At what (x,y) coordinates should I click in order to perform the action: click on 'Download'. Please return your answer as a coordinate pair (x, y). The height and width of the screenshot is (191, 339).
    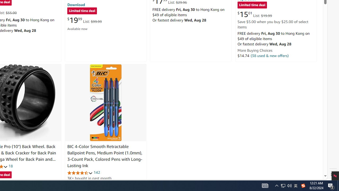
    Looking at the image, I should click on (76, 5).